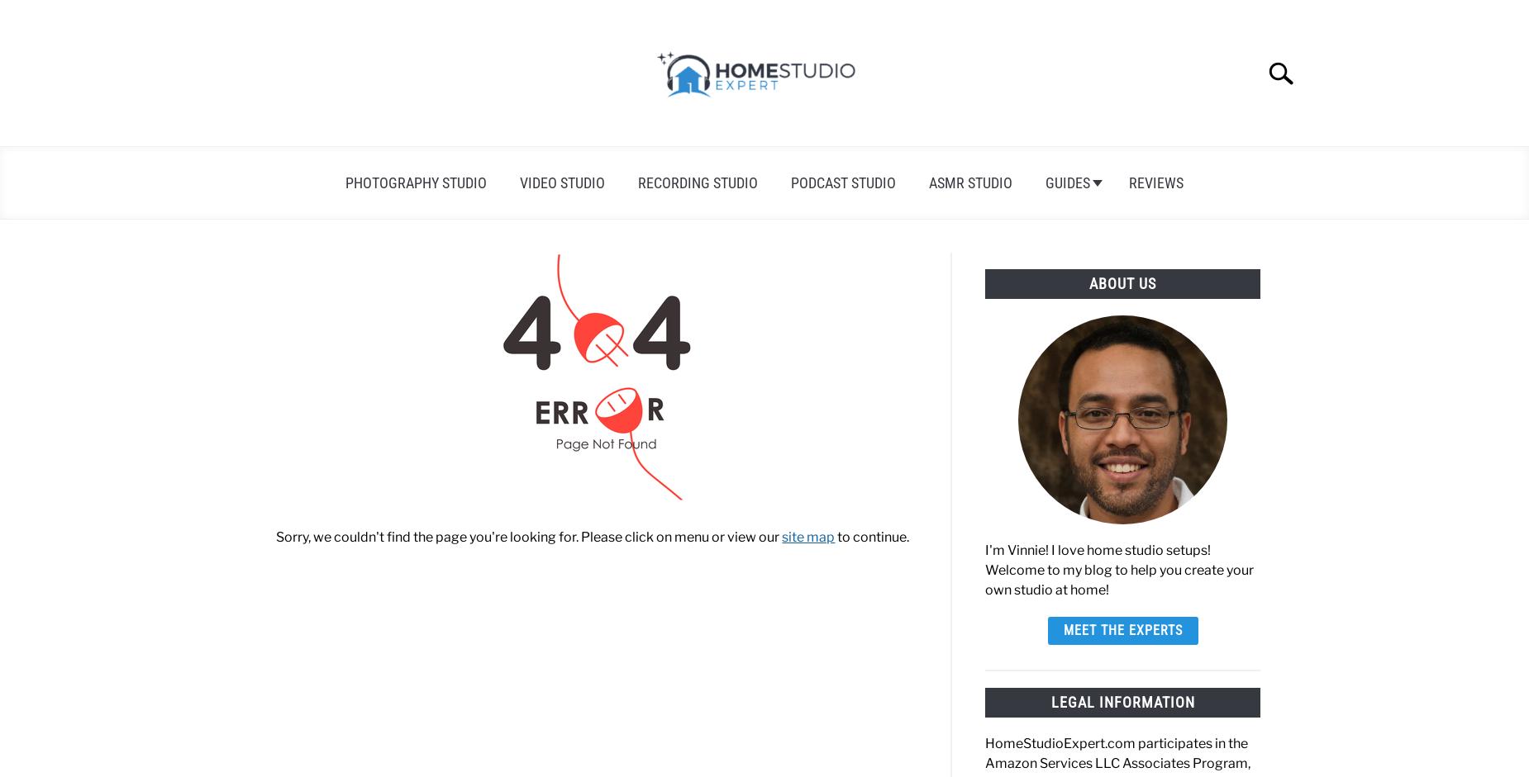 The image size is (1529, 777). Describe the element at coordinates (344, 182) in the screenshot. I see `'Photography Studio'` at that location.